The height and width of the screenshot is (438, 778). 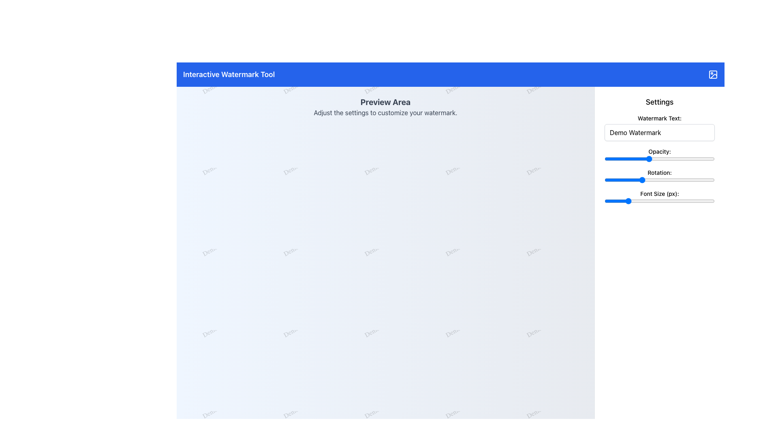 I want to click on the icon representing an interactive button located at the far right of the blue header bar titled 'Interactive Watermark Tool', so click(x=713, y=75).